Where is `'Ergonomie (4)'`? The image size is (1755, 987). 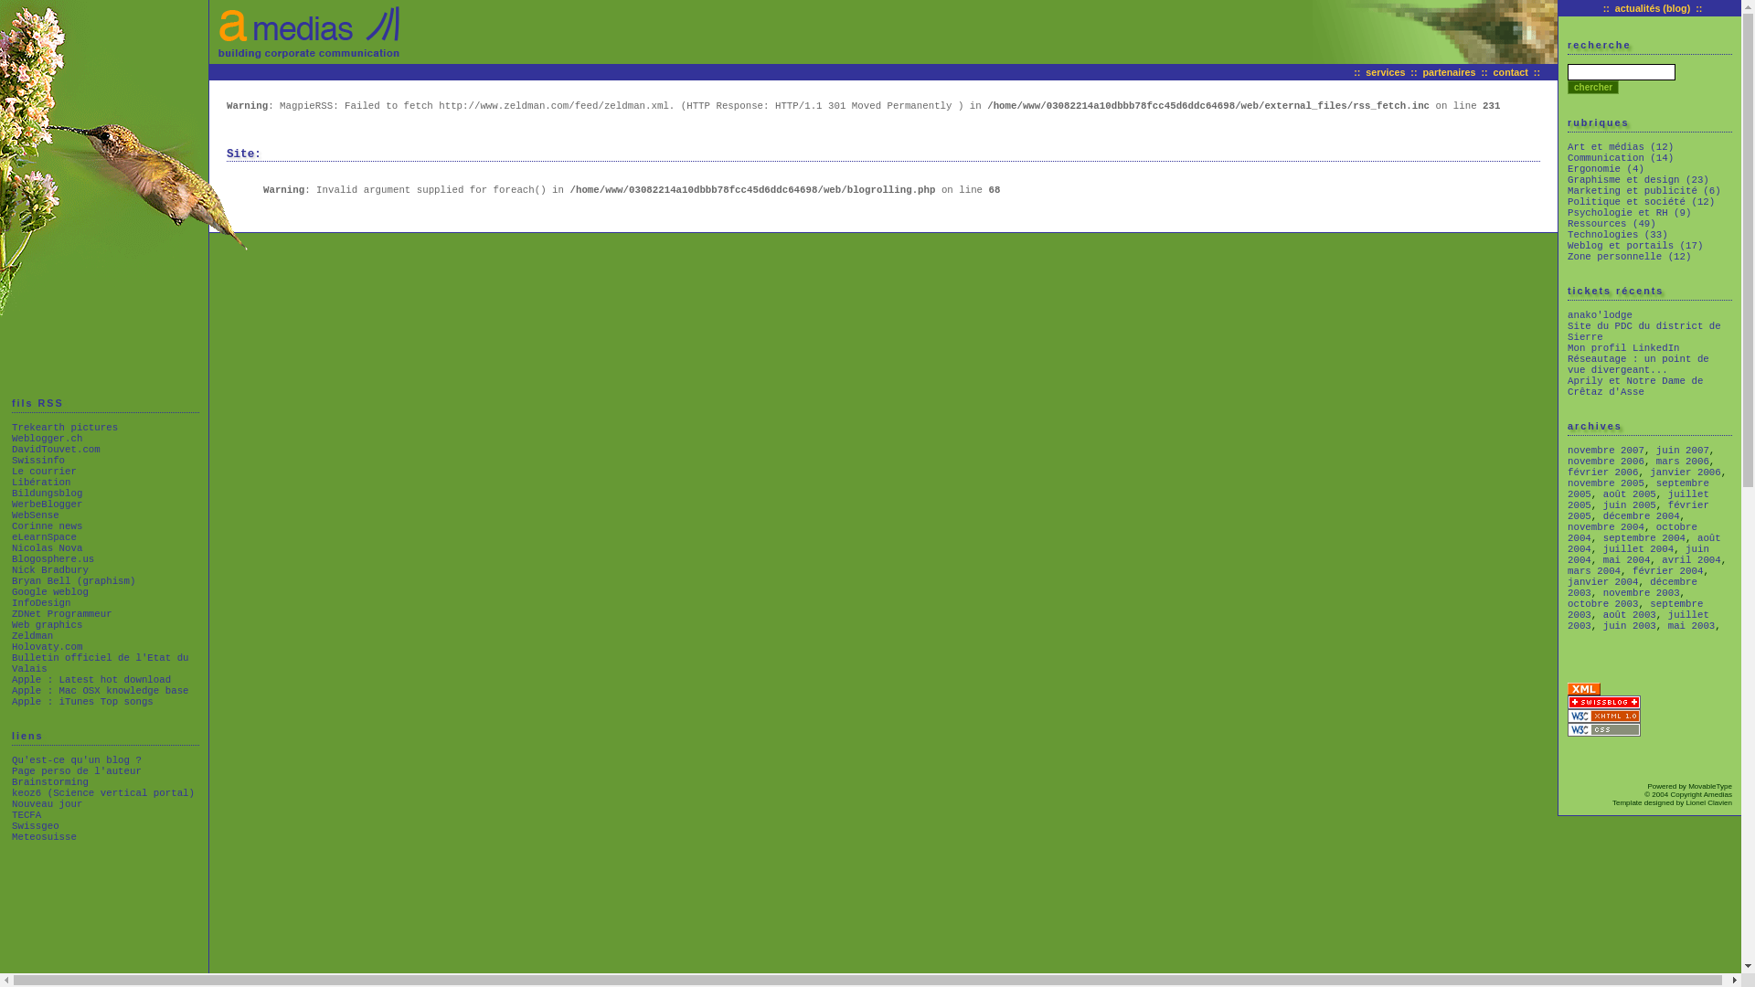
'Ergonomie (4)' is located at coordinates (1566, 169).